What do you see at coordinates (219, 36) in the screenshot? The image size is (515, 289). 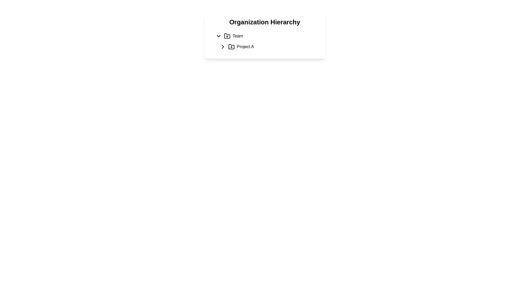 I see `the Icon Button located to the left of the 'Team' label` at bounding box center [219, 36].